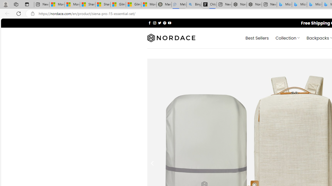 This screenshot has height=186, width=332. Describe the element at coordinates (134, 4) in the screenshot. I see `'Gilma and Hector both pose tropical trouble for Hawaii'` at that location.